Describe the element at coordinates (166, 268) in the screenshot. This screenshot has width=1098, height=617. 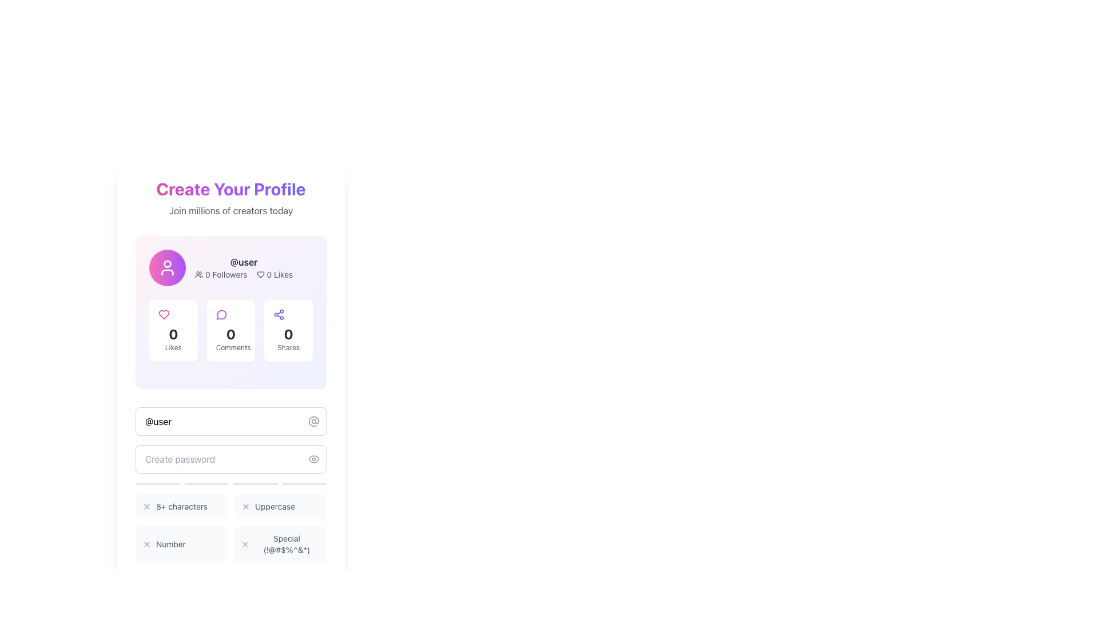
I see `the circular icon button featuring a gradient fill from pink to purple with a white user silhouette at its center, which indicates user-related functionality` at that location.